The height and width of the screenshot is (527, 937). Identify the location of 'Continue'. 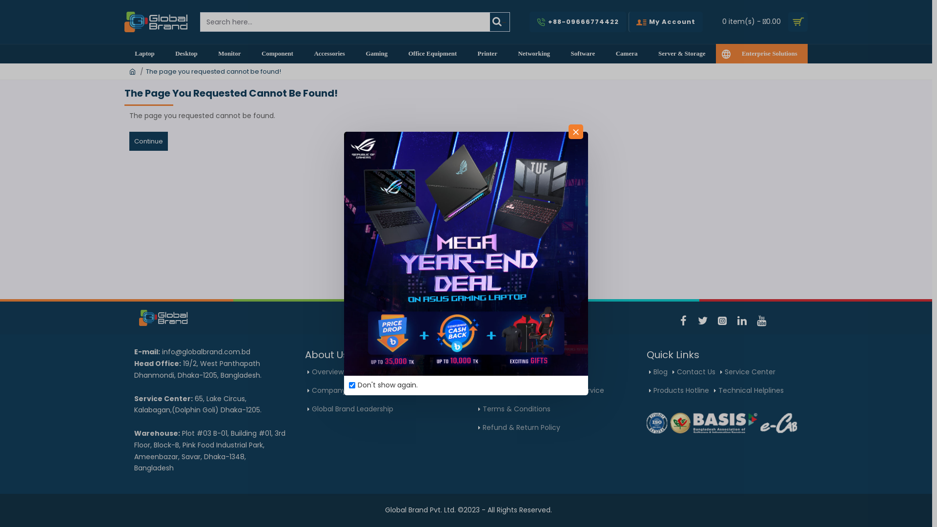
(148, 141).